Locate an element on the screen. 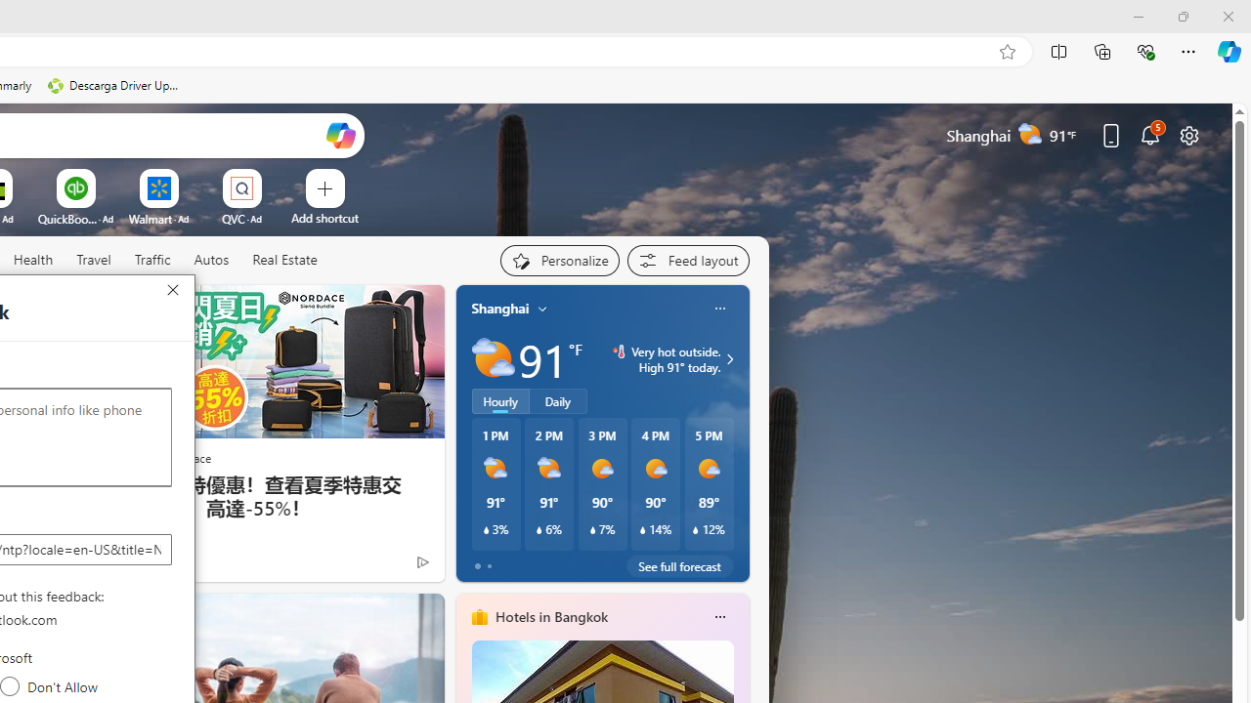 The width and height of the screenshot is (1251, 703). 'Hotels in Bangkok' is located at coordinates (549, 616).